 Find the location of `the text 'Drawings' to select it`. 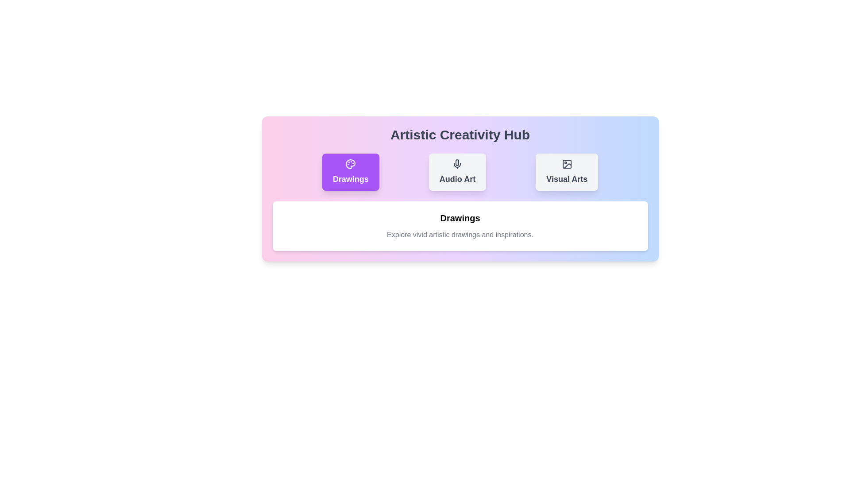

the text 'Drawings' to select it is located at coordinates (350, 179).